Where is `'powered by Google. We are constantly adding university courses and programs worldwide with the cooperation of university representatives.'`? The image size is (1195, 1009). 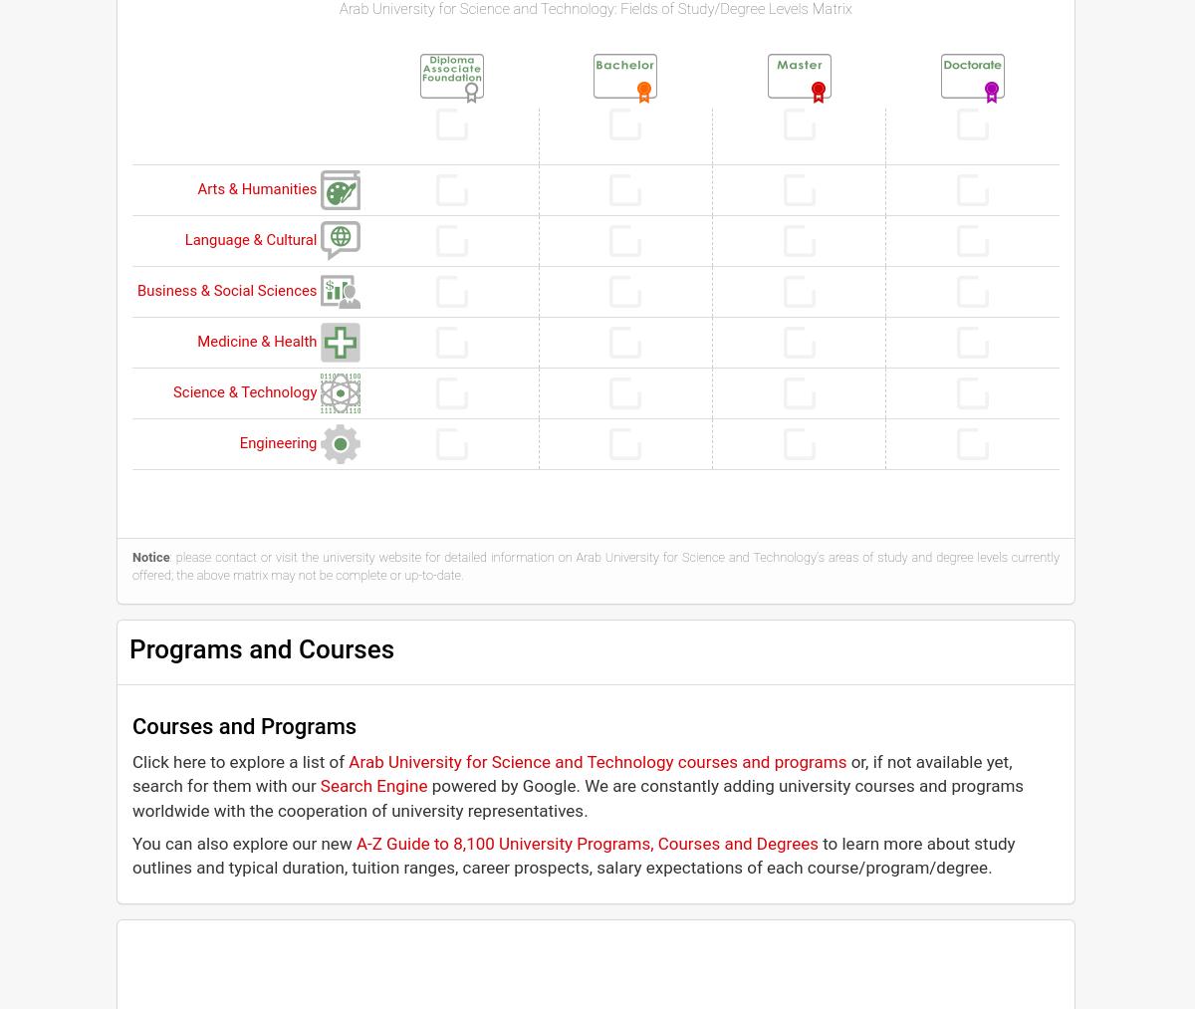
'powered by Google. We are constantly adding university courses and programs worldwide with the cooperation of university representatives.' is located at coordinates (577, 797).